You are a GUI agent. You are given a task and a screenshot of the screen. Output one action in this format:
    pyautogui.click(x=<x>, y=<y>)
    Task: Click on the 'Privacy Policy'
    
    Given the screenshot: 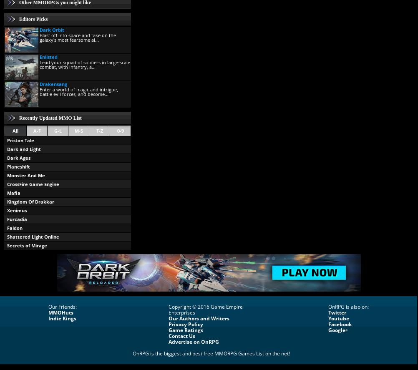 What is the action you would take?
    pyautogui.click(x=185, y=323)
    